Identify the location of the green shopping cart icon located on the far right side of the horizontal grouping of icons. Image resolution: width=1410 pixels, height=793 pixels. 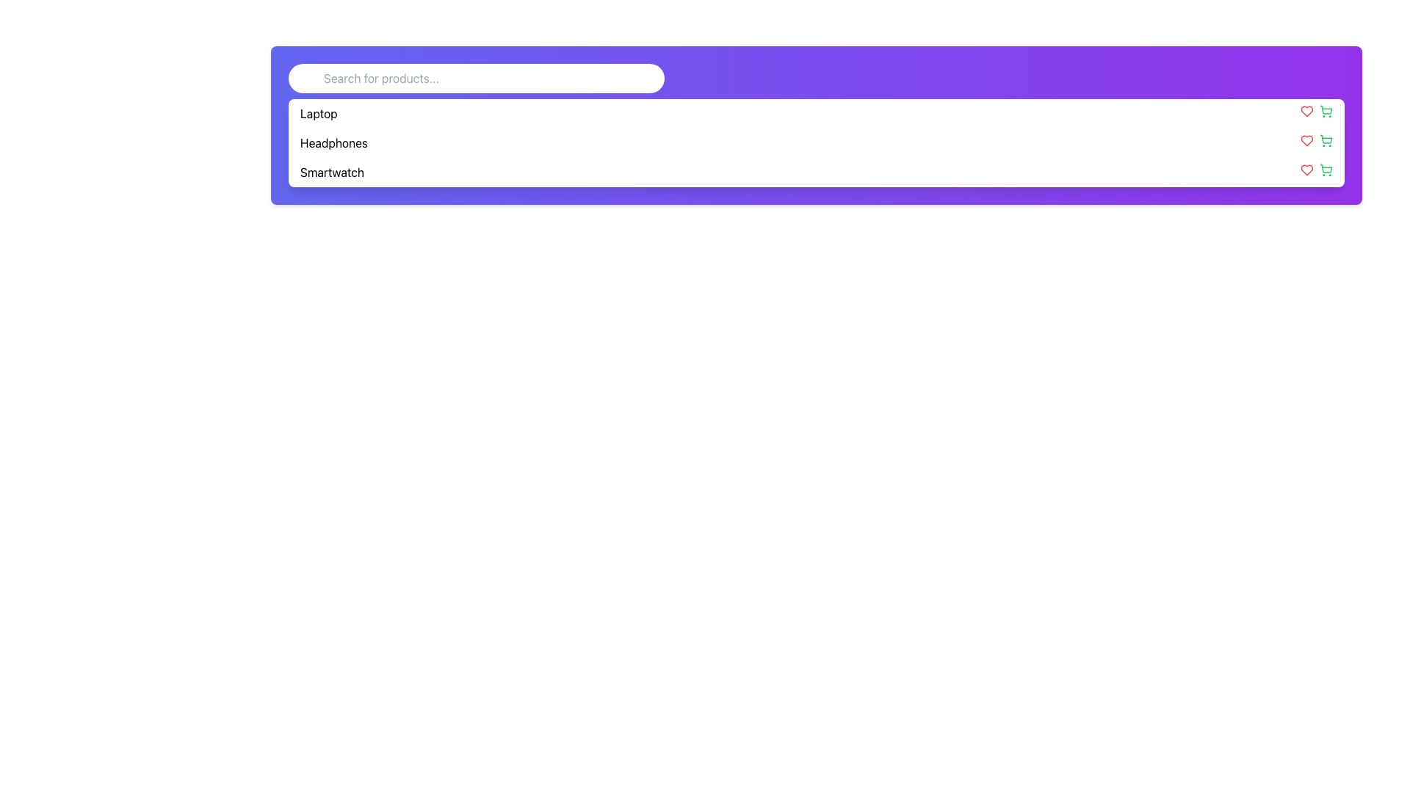
(1326, 110).